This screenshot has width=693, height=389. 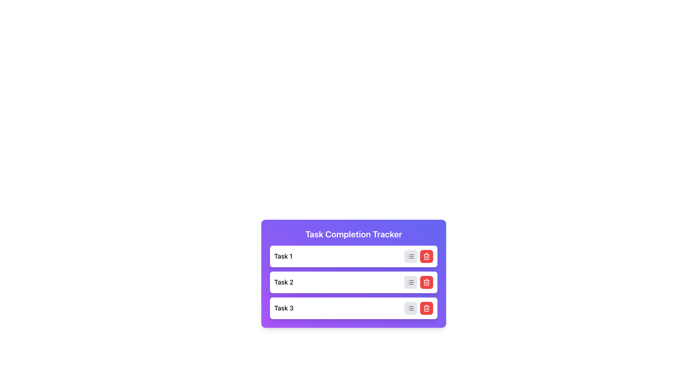 I want to click on the body of the trash can icon, which is part of a red button located at the end of a task row in the task list, so click(x=426, y=308).